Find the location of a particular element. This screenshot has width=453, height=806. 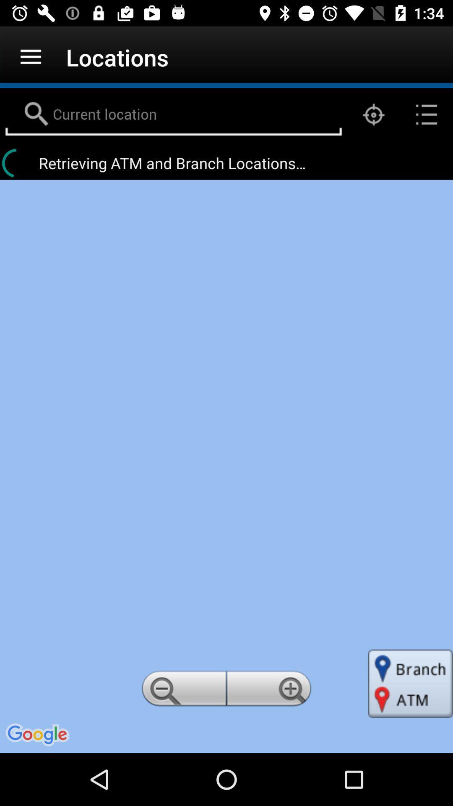

this is to zoom in the available page is located at coordinates (270, 691).